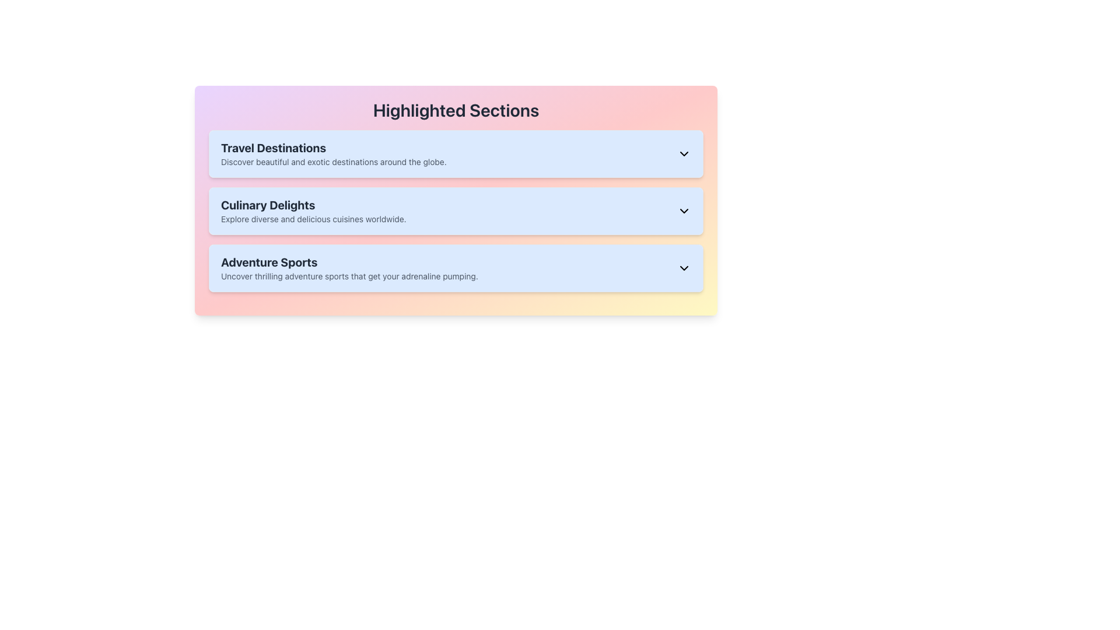 The image size is (1120, 630). What do you see at coordinates (333, 153) in the screenshot?
I see `the clickable section header for 'Travel Destinations', which is the first section in the list above 'Culinary Delights' and 'Adventure Sports'` at bounding box center [333, 153].